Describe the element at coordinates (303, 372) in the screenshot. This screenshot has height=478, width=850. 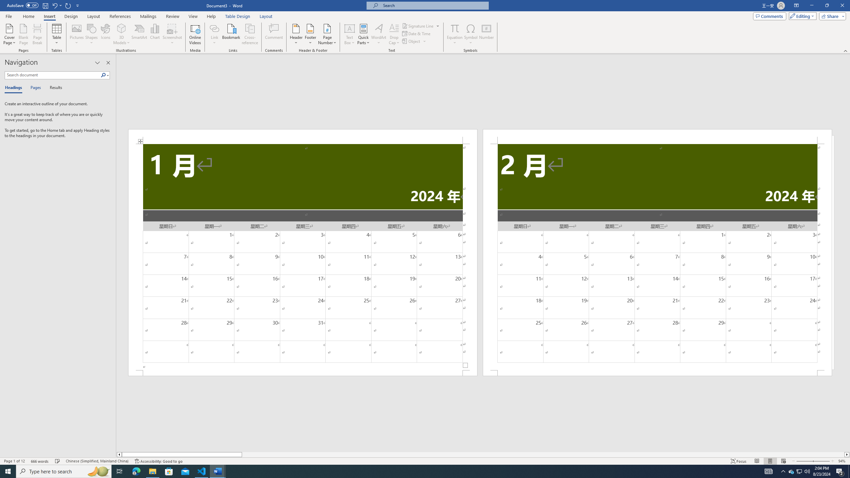
I see `'Footer -Section 1-'` at that location.